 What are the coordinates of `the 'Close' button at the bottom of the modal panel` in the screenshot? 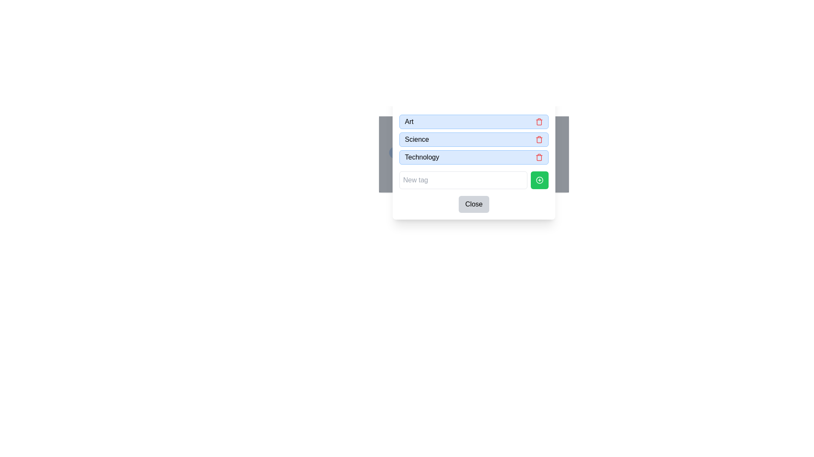 It's located at (474, 204).